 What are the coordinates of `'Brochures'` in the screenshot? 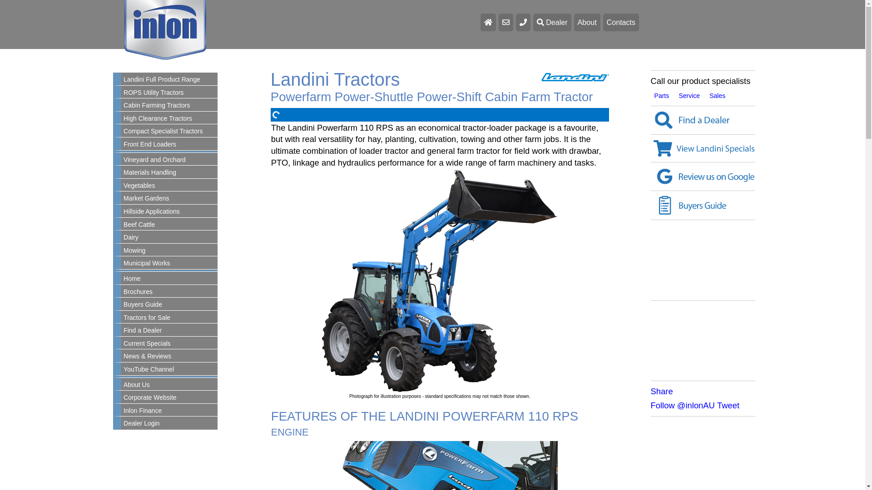 It's located at (169, 292).